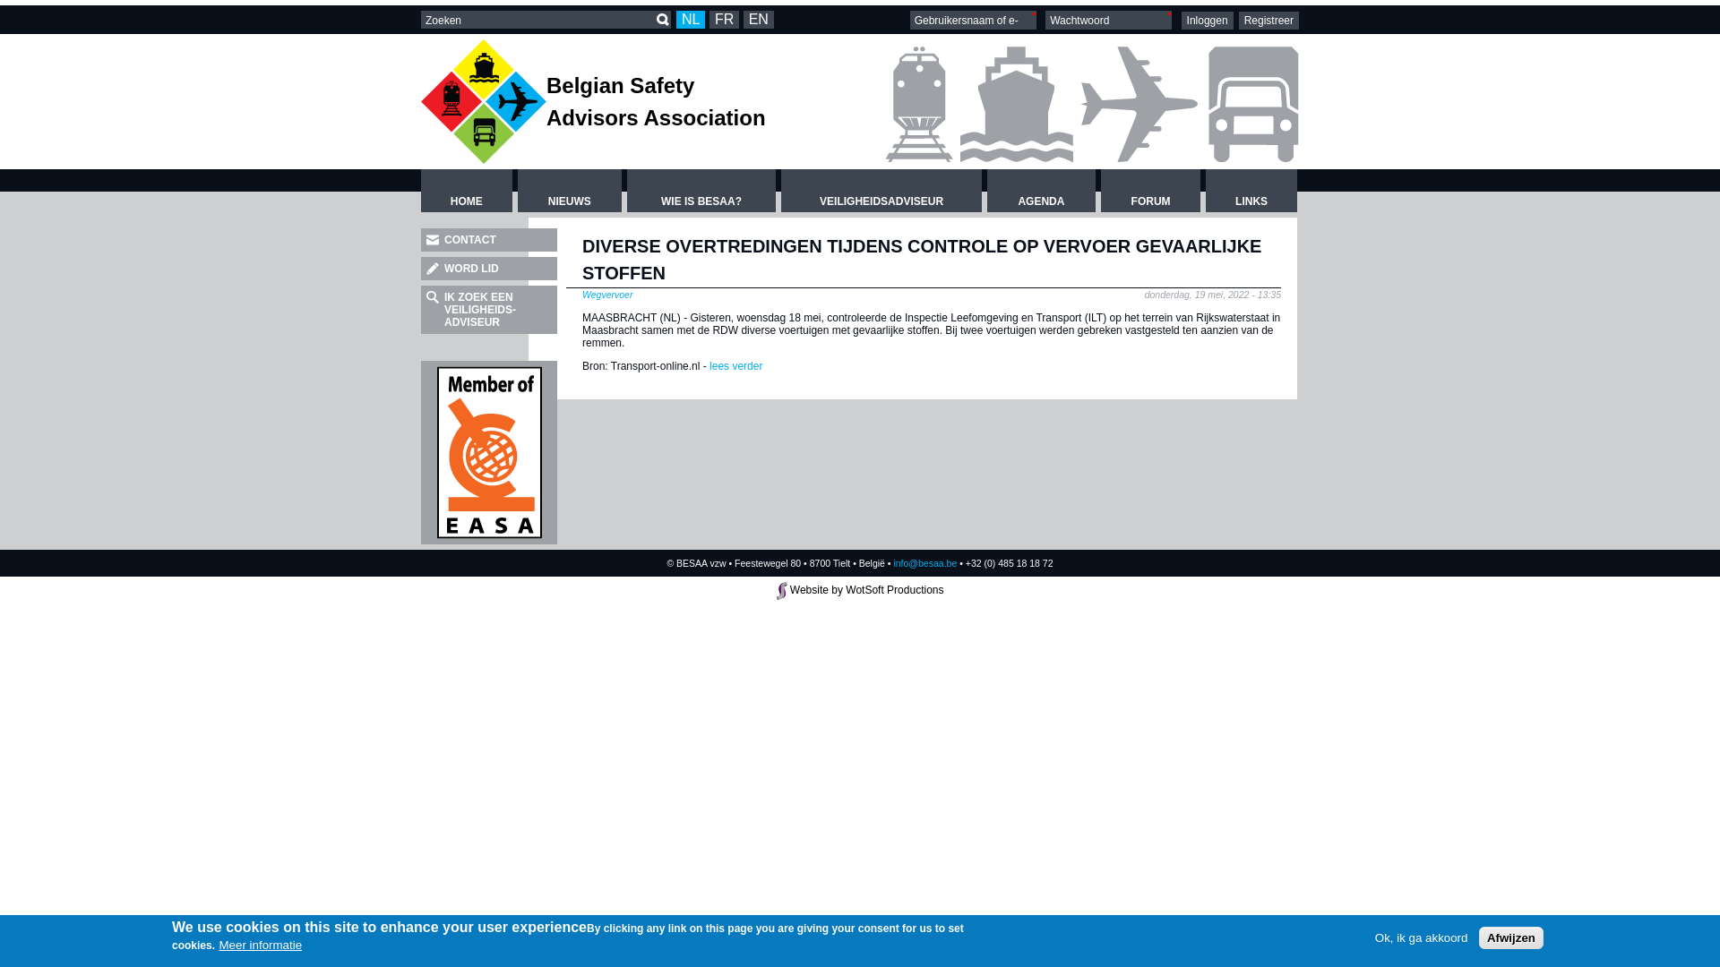  What do you see at coordinates (893, 561) in the screenshot?
I see `'info@besaa.be'` at bounding box center [893, 561].